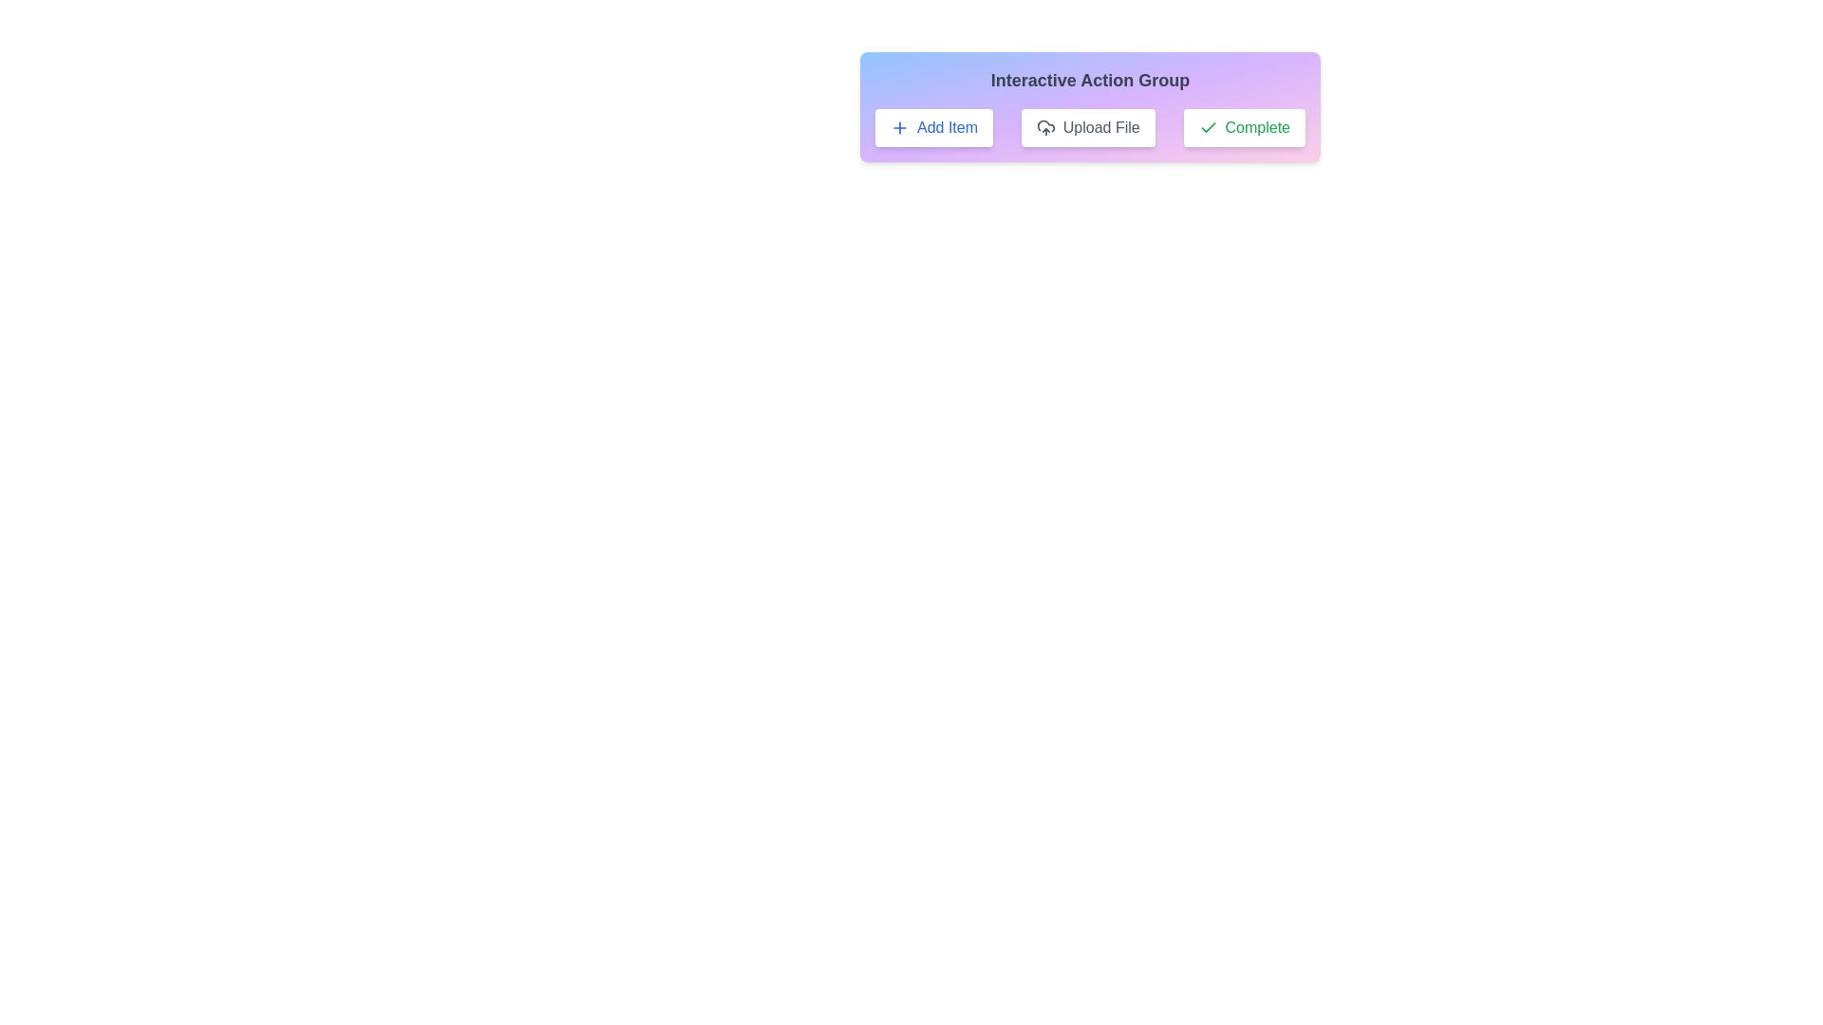 This screenshot has width=1823, height=1025. What do you see at coordinates (1257, 128) in the screenshot?
I see `text 'Complete' from the text label within the button that visually indicates a completion action, located in the third position among horizontally arranged buttons` at bounding box center [1257, 128].